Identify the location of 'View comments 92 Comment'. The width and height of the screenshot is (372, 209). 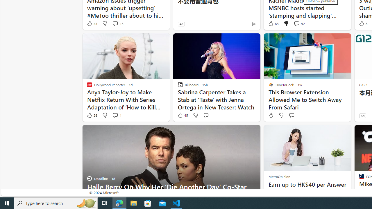
(299, 23).